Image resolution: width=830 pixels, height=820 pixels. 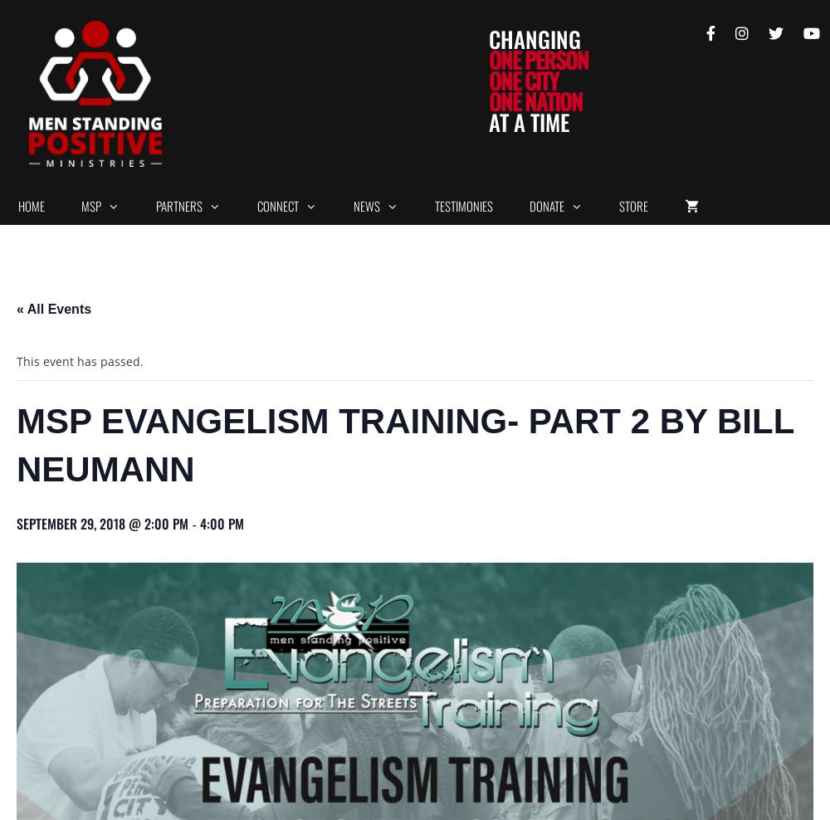 What do you see at coordinates (529, 121) in the screenshot?
I see `'At A Time'` at bounding box center [529, 121].